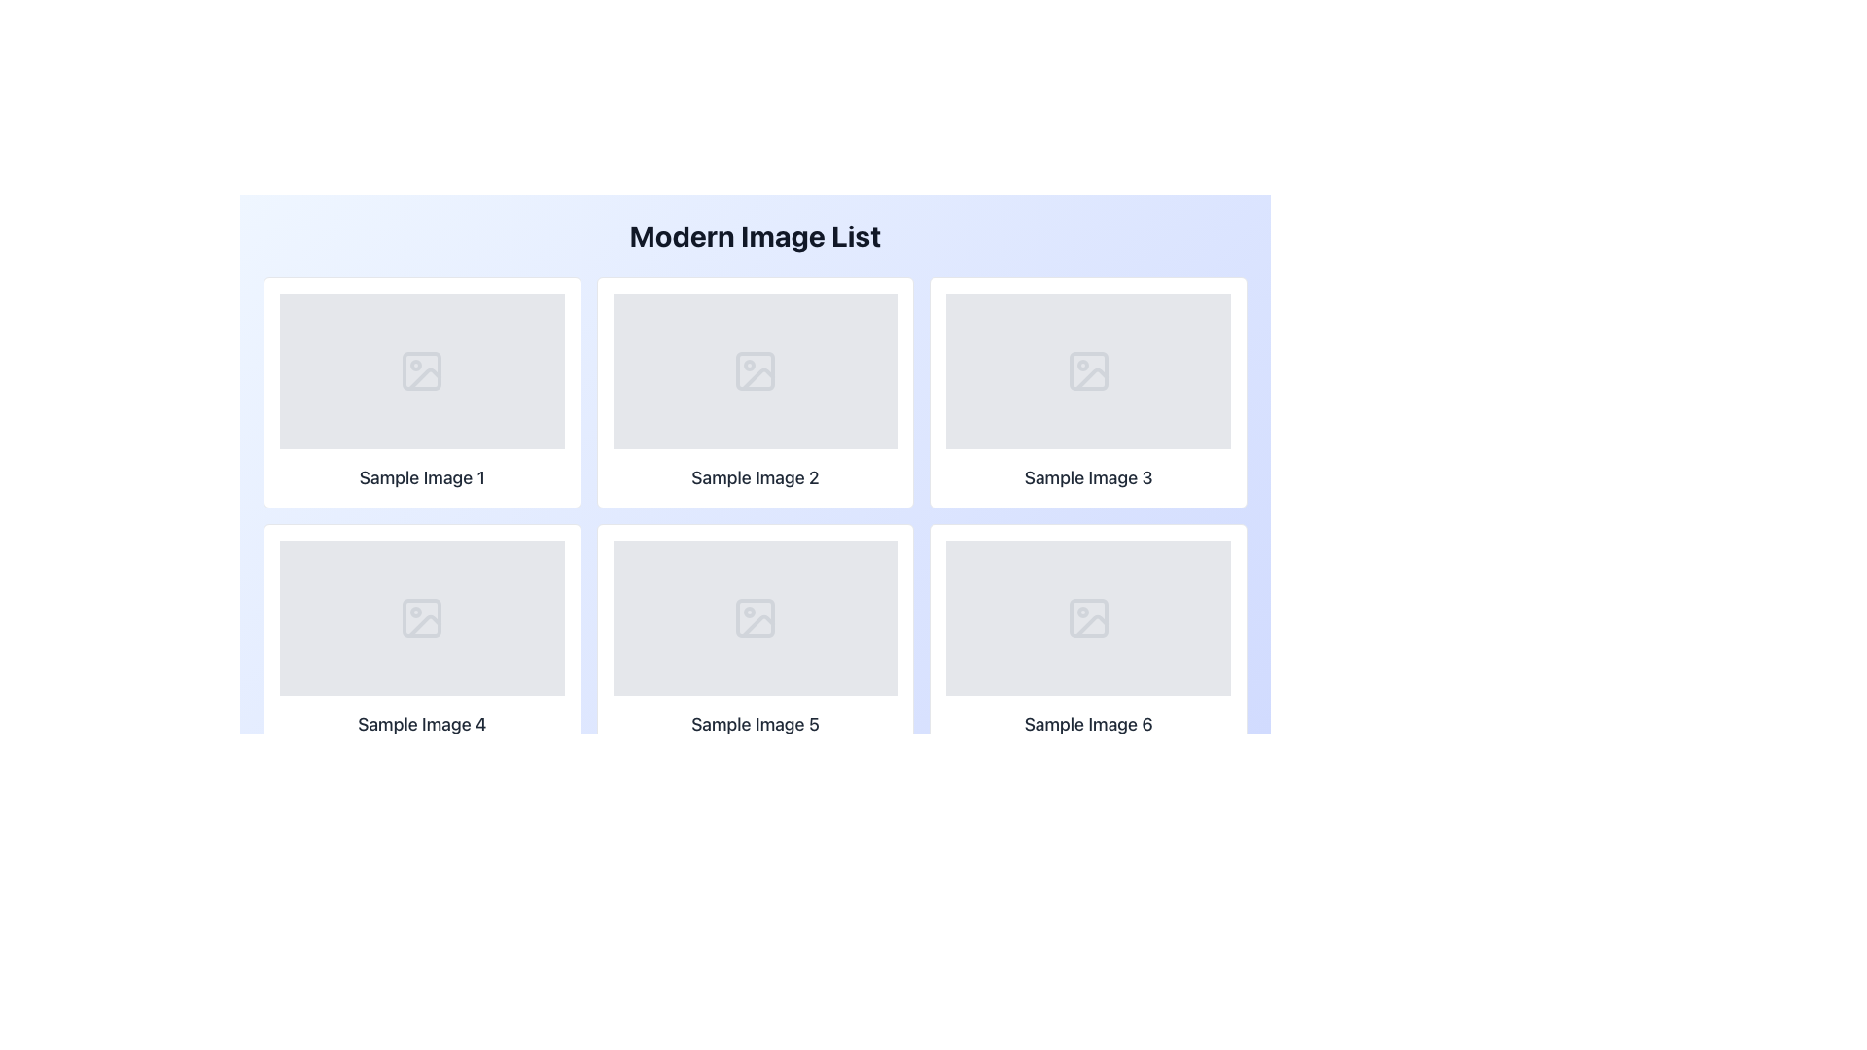 The width and height of the screenshot is (1867, 1050). What do you see at coordinates (755, 618) in the screenshot?
I see `the small rectangular shape with slightly rounded corners located centrally within the fifth image placeholder in the grid layout` at bounding box center [755, 618].